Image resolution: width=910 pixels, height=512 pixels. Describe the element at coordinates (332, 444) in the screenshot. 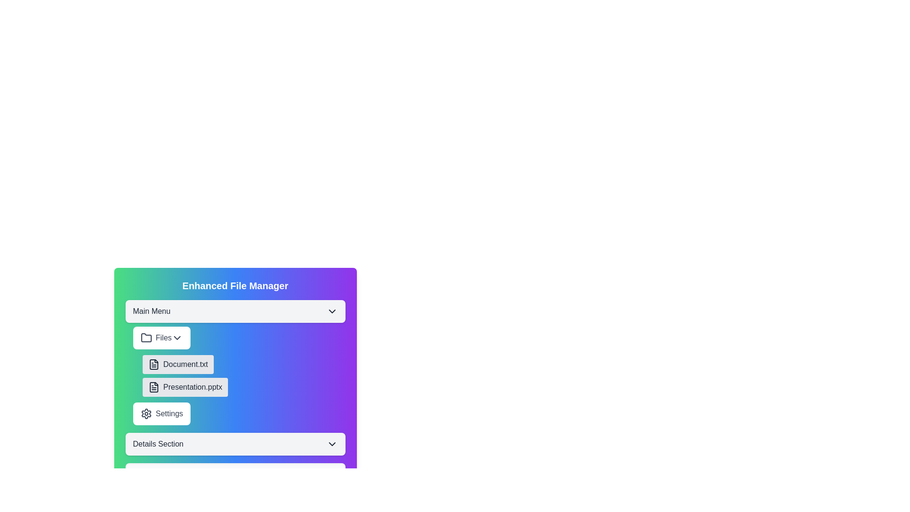

I see `the chevron-down dropdown toggle icon` at that location.